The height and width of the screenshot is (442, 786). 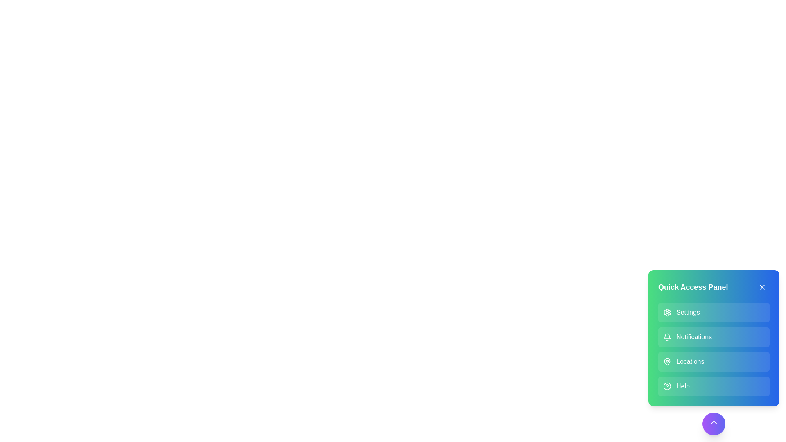 I want to click on the third button in the vertical list within the 'Quick Access Panel', which serves as a navigation tool for accessing the 'Locations' section, so click(x=713, y=361).